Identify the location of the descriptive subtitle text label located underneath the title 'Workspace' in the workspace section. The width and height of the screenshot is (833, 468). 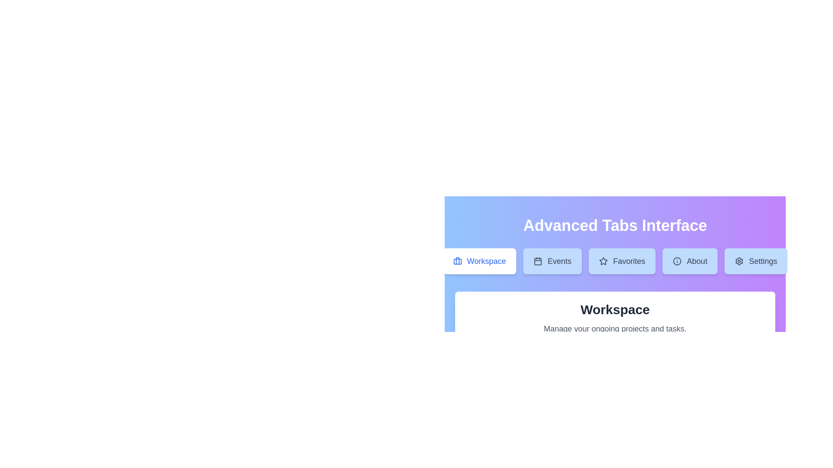
(614, 329).